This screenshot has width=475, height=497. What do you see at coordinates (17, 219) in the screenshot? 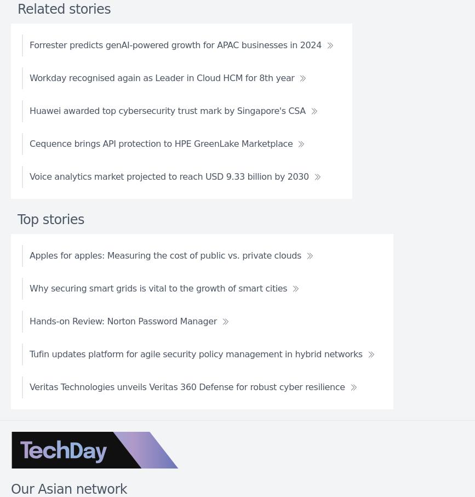
I see `'Top stories'` at bounding box center [17, 219].